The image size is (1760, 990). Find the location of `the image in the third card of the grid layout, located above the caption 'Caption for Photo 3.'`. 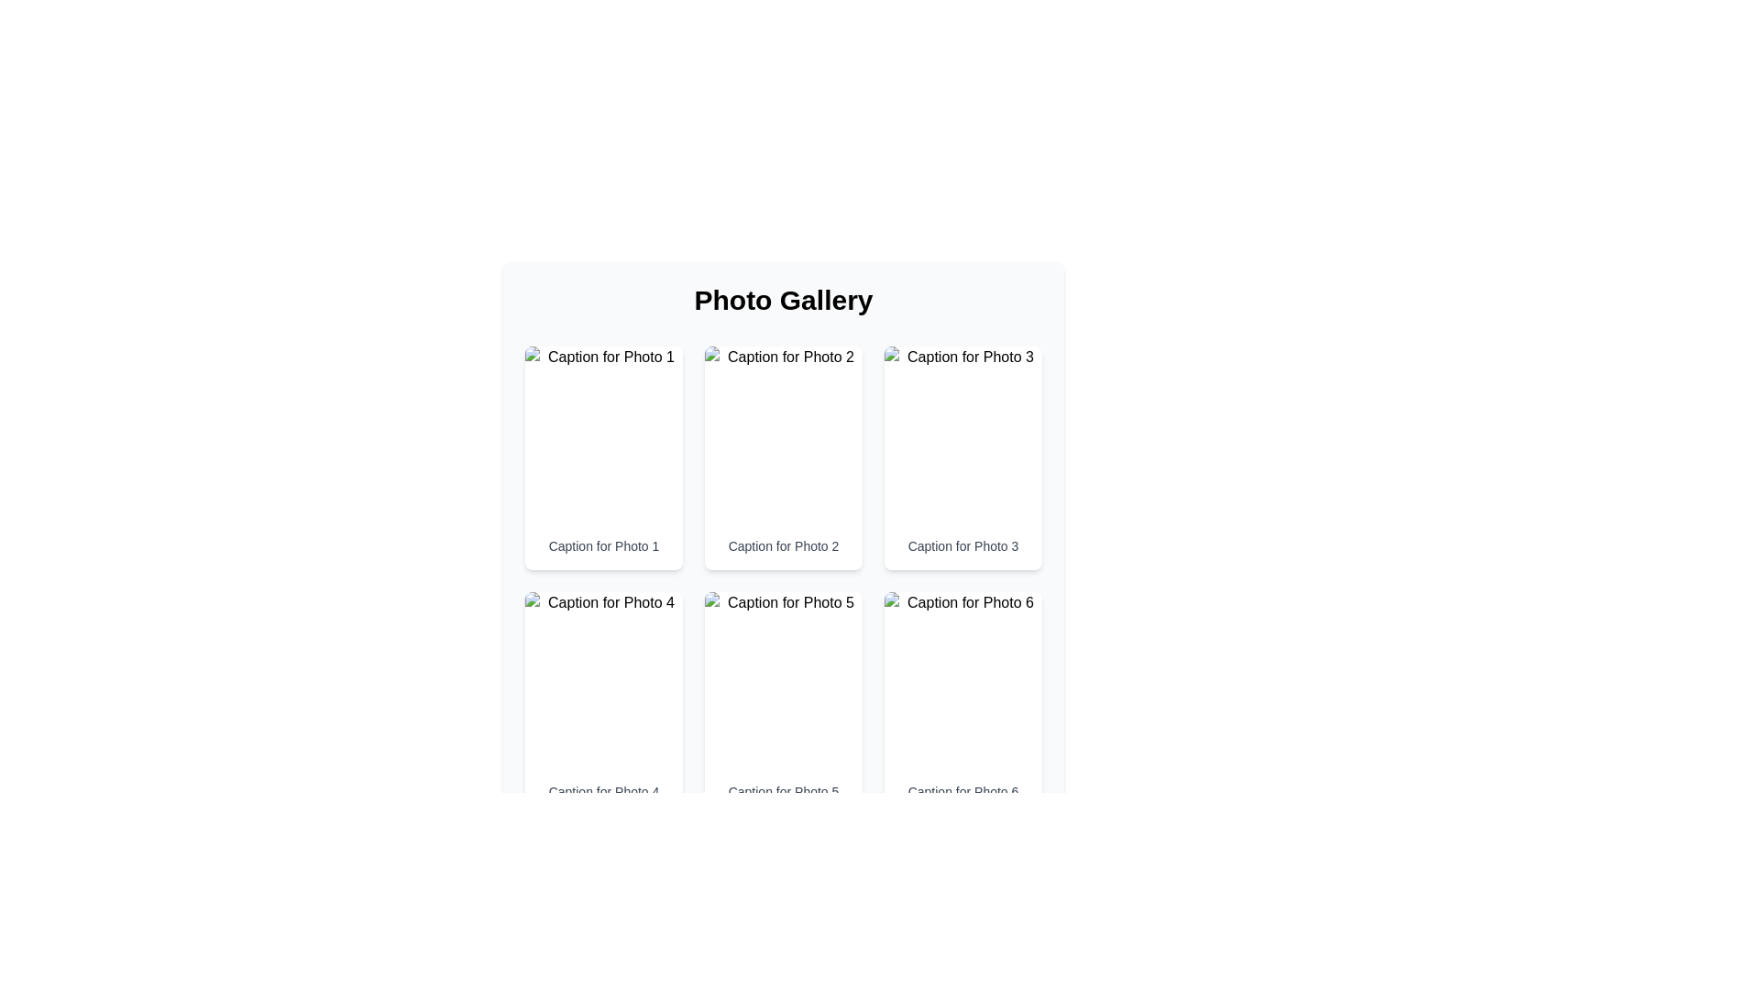

the image in the third card of the grid layout, located above the caption 'Caption for Photo 3.' is located at coordinates (962, 434).